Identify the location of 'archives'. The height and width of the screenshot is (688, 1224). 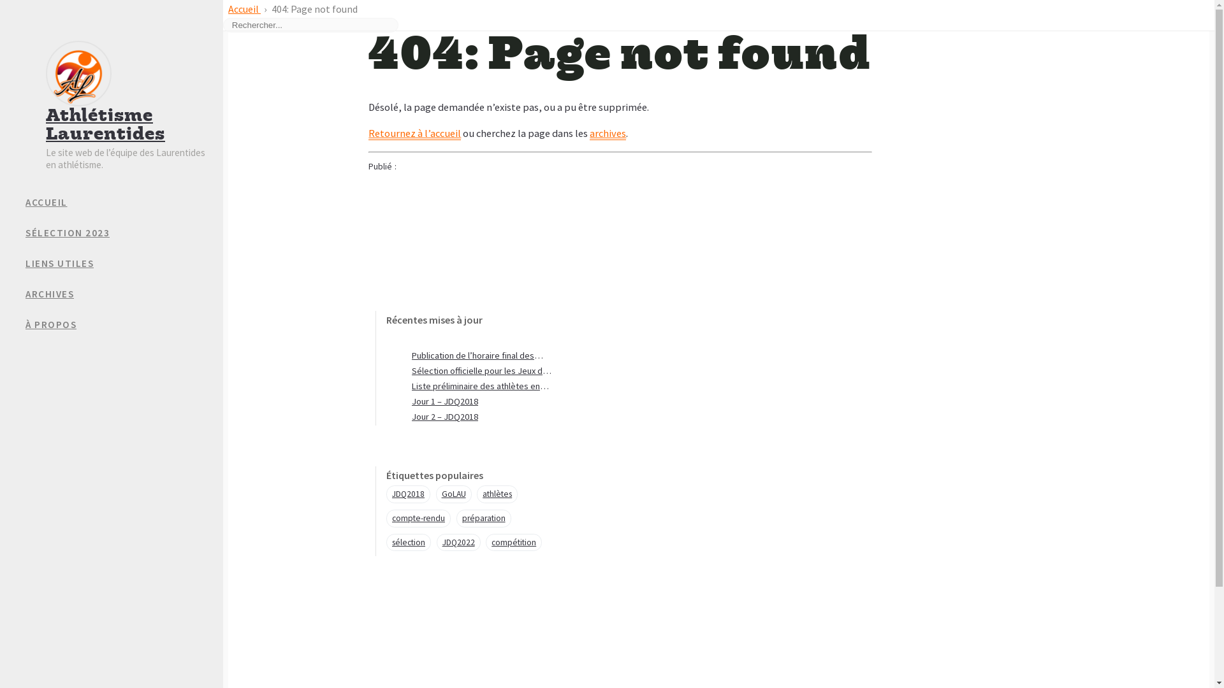
(607, 133).